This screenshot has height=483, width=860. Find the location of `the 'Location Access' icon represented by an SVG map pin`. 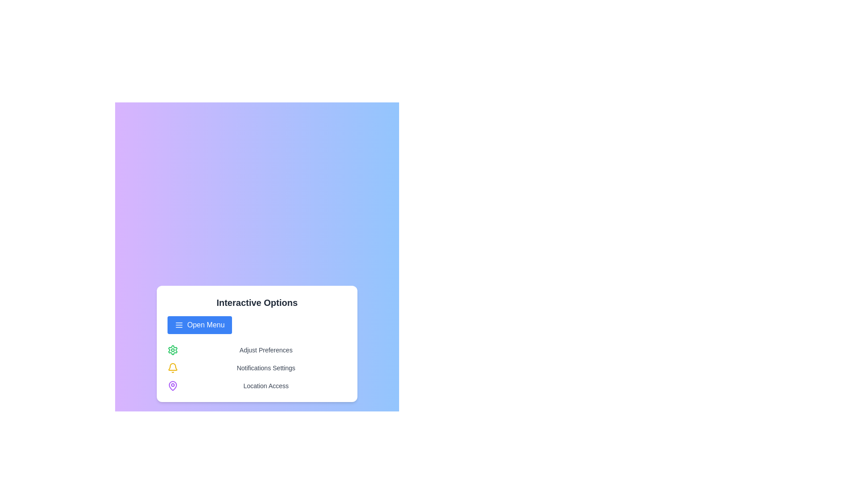

the 'Location Access' icon represented by an SVG map pin is located at coordinates (172, 385).